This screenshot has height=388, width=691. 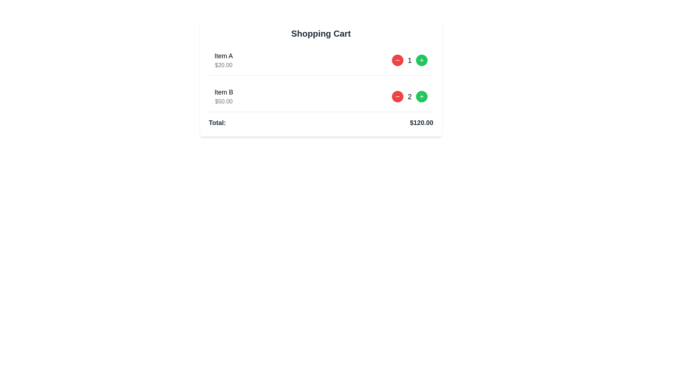 I want to click on the circular green button with a white plus icon (+) to the right of the number 2 associated with 'Item B' in the shopping cart layout to increase the quantity, so click(x=421, y=96).